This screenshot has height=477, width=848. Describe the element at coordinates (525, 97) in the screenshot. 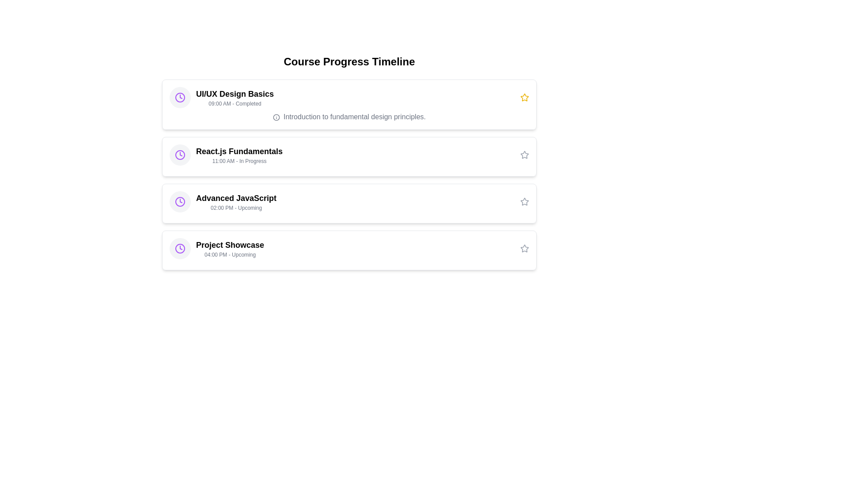

I see `the yellow star-shaped icon in the top-right corner of the 'UI/UX Design Basics' course card to favorite the course` at that location.